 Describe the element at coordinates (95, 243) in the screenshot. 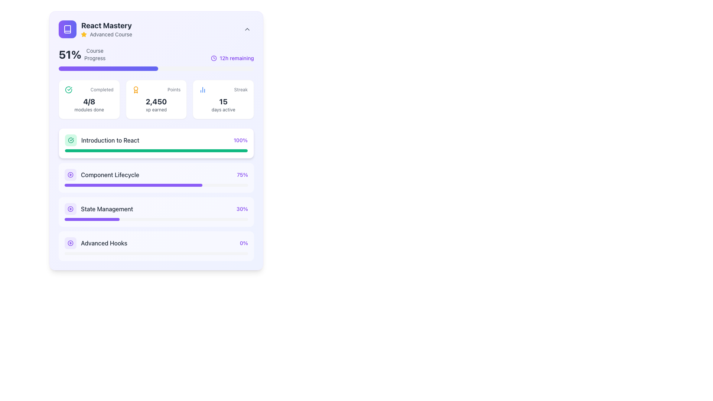

I see `the 'Advanced Hooks' course section in the list` at that location.